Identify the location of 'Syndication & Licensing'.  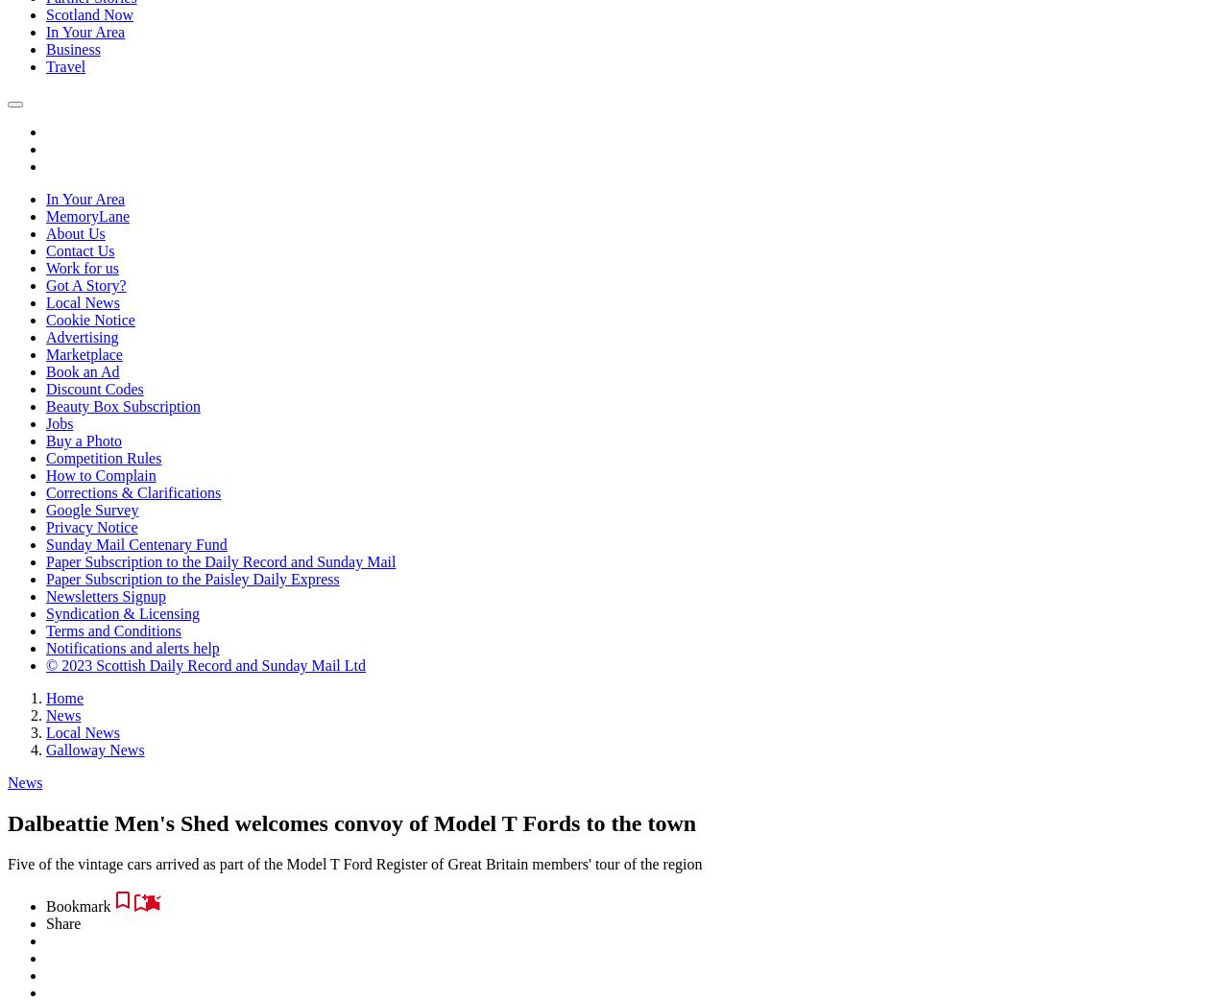
(121, 613).